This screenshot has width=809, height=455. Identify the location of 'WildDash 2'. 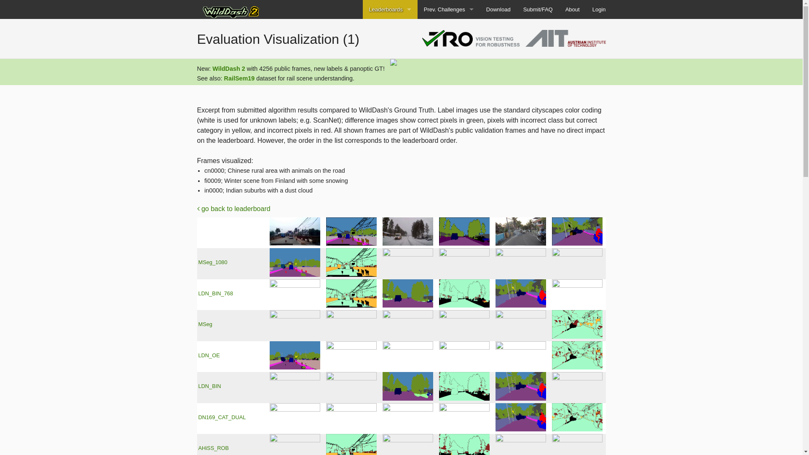
(228, 68).